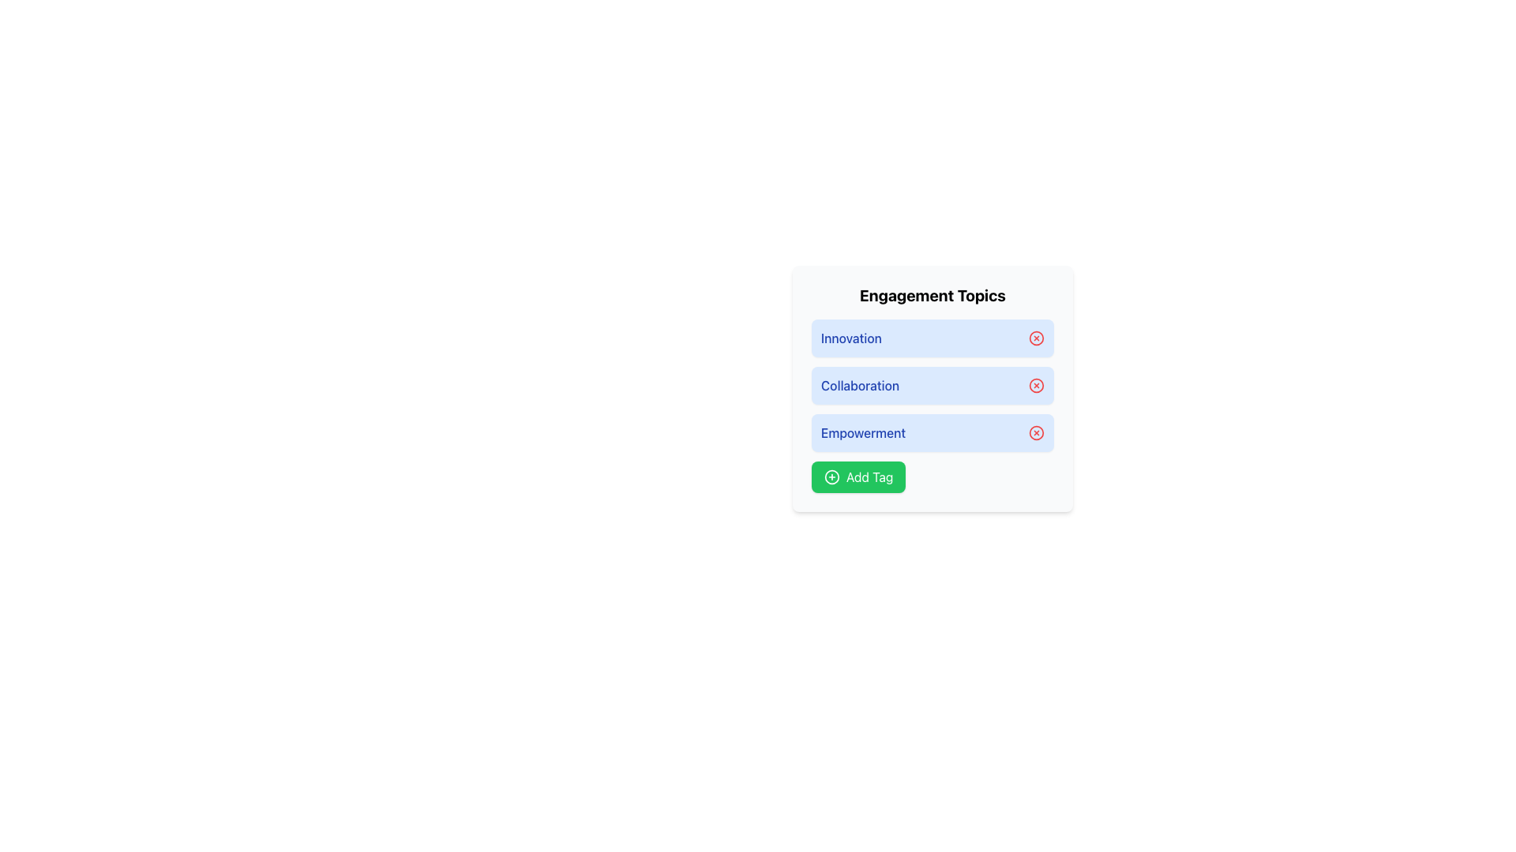 Image resolution: width=1516 pixels, height=852 pixels. Describe the element at coordinates (859, 386) in the screenshot. I see `the informational text label for the topic 'Collaboration', which is the second item in the list of topics, located below 'Innovation' and above 'Empowerment'` at that location.